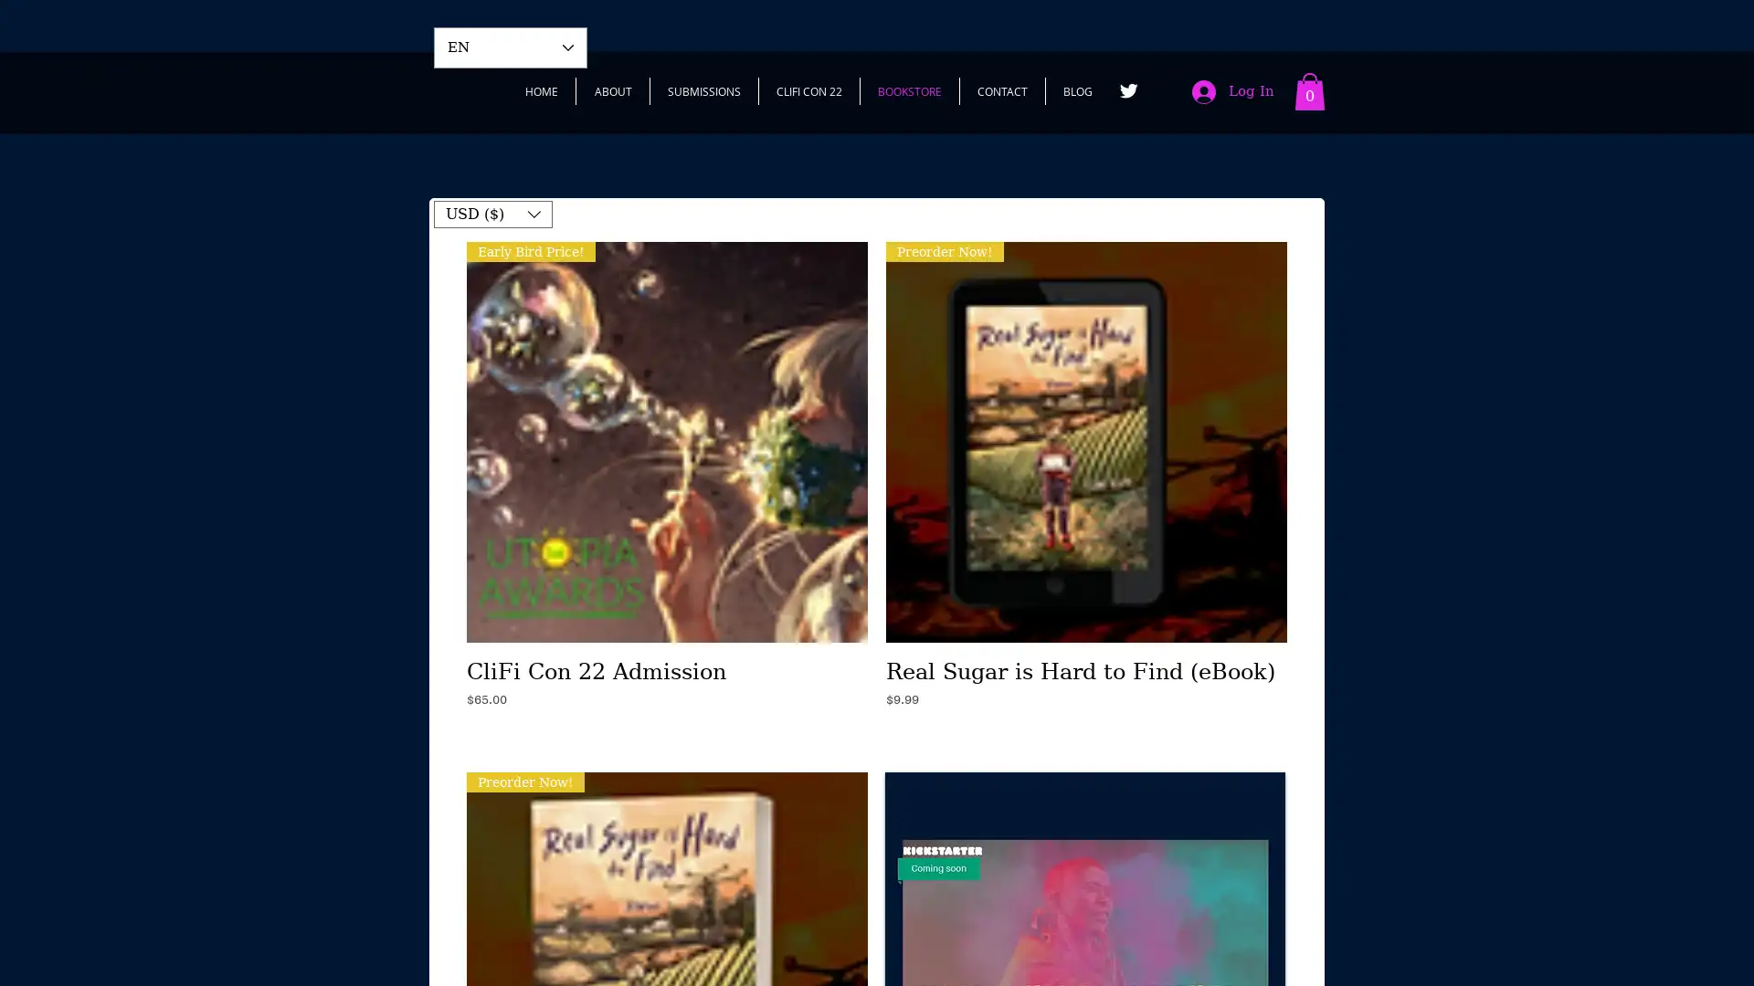 This screenshot has width=1754, height=986. Describe the element at coordinates (666, 666) in the screenshot. I see `Quick View` at that location.